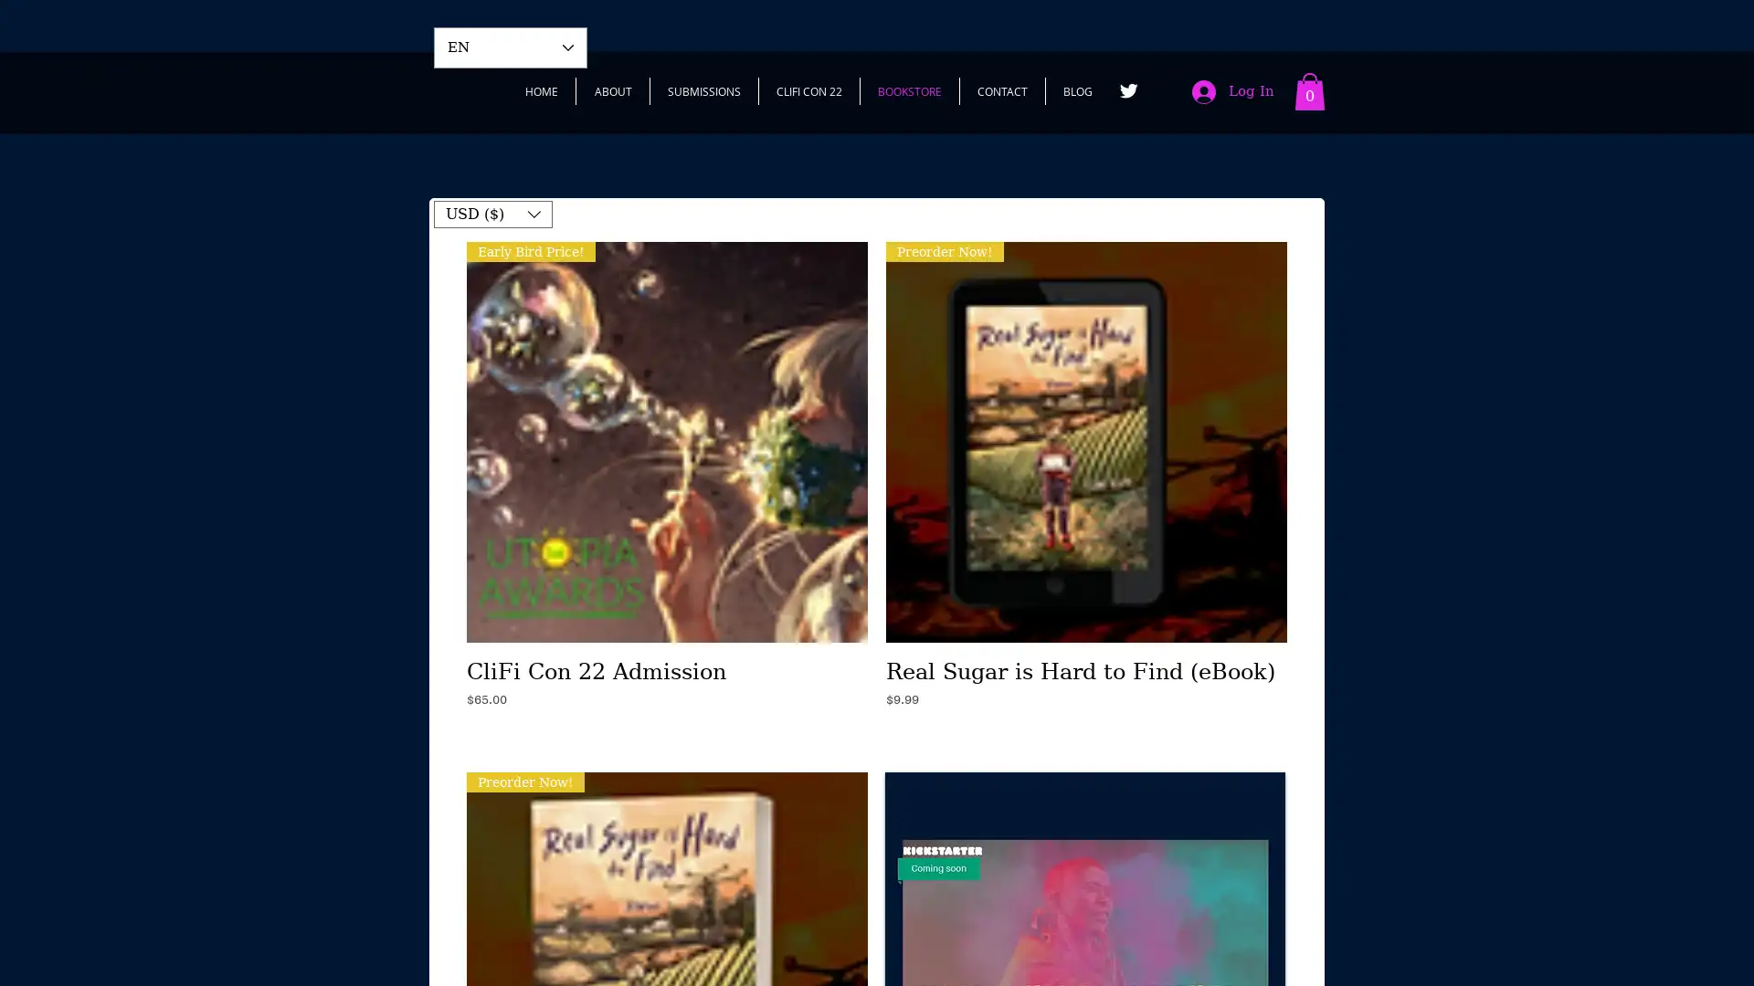 This screenshot has width=1754, height=986. Describe the element at coordinates (666, 666) in the screenshot. I see `Quick View` at that location.